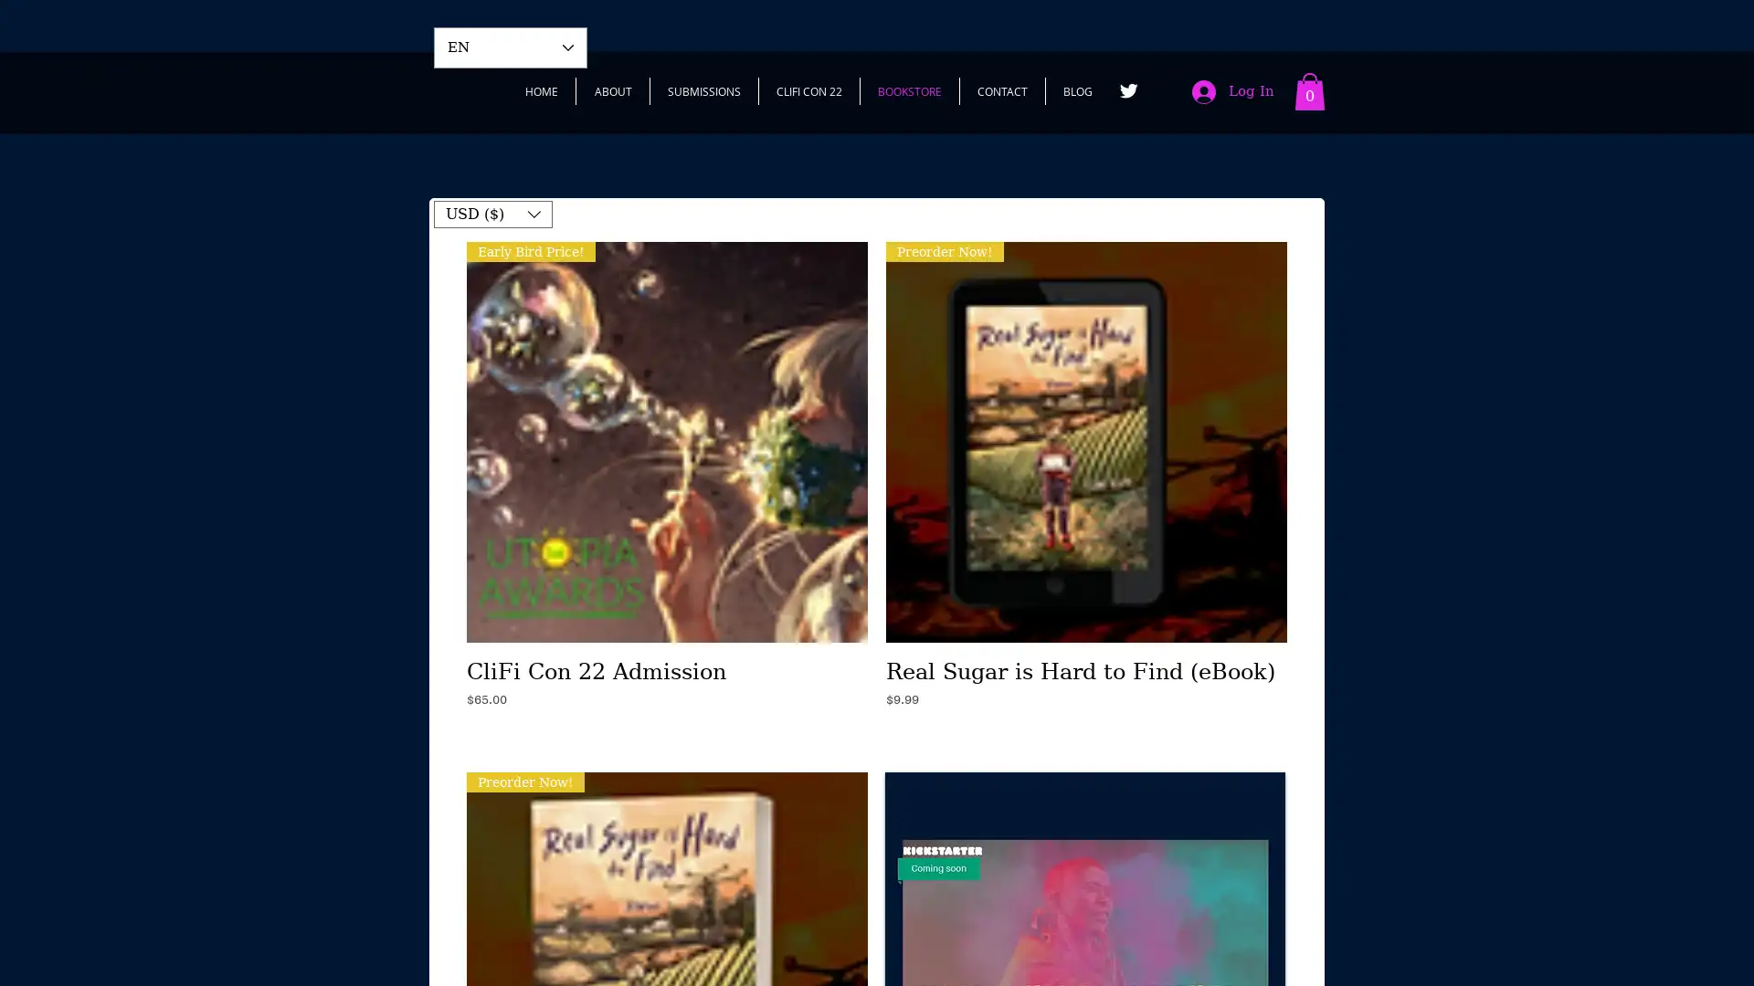 This screenshot has width=1754, height=986. Describe the element at coordinates (666, 666) in the screenshot. I see `Quick View` at that location.